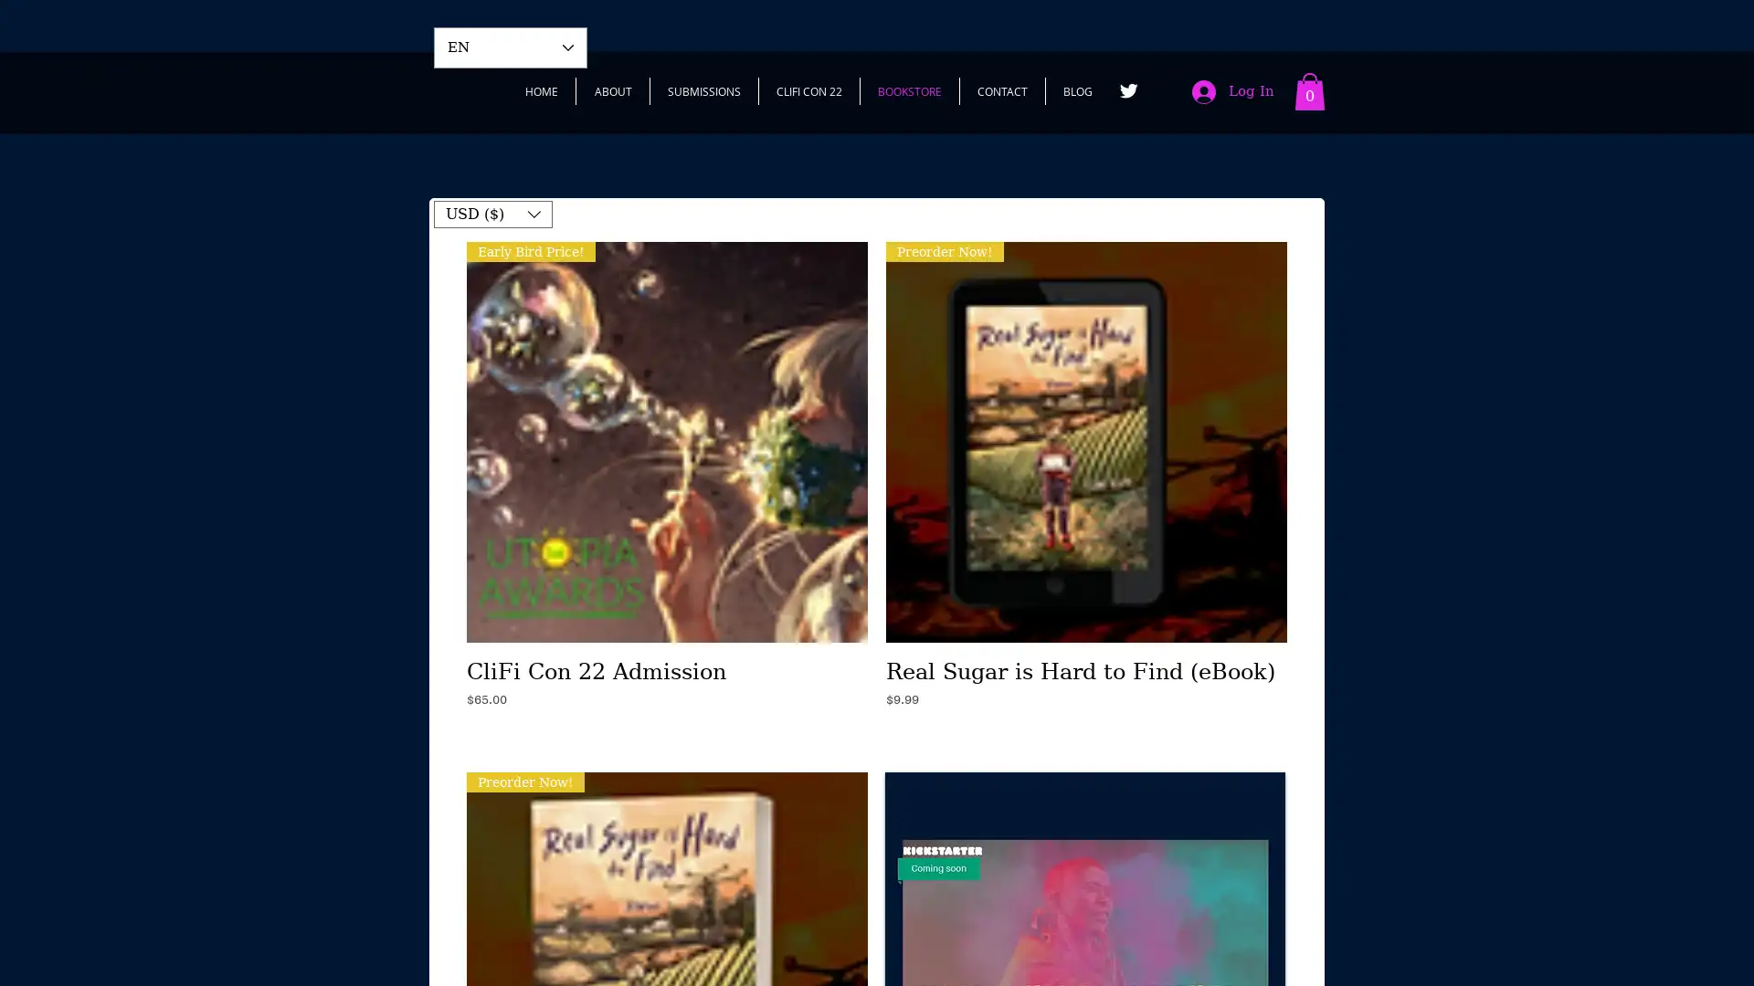 This screenshot has width=1754, height=986. Describe the element at coordinates (666, 666) in the screenshot. I see `Quick View` at that location.